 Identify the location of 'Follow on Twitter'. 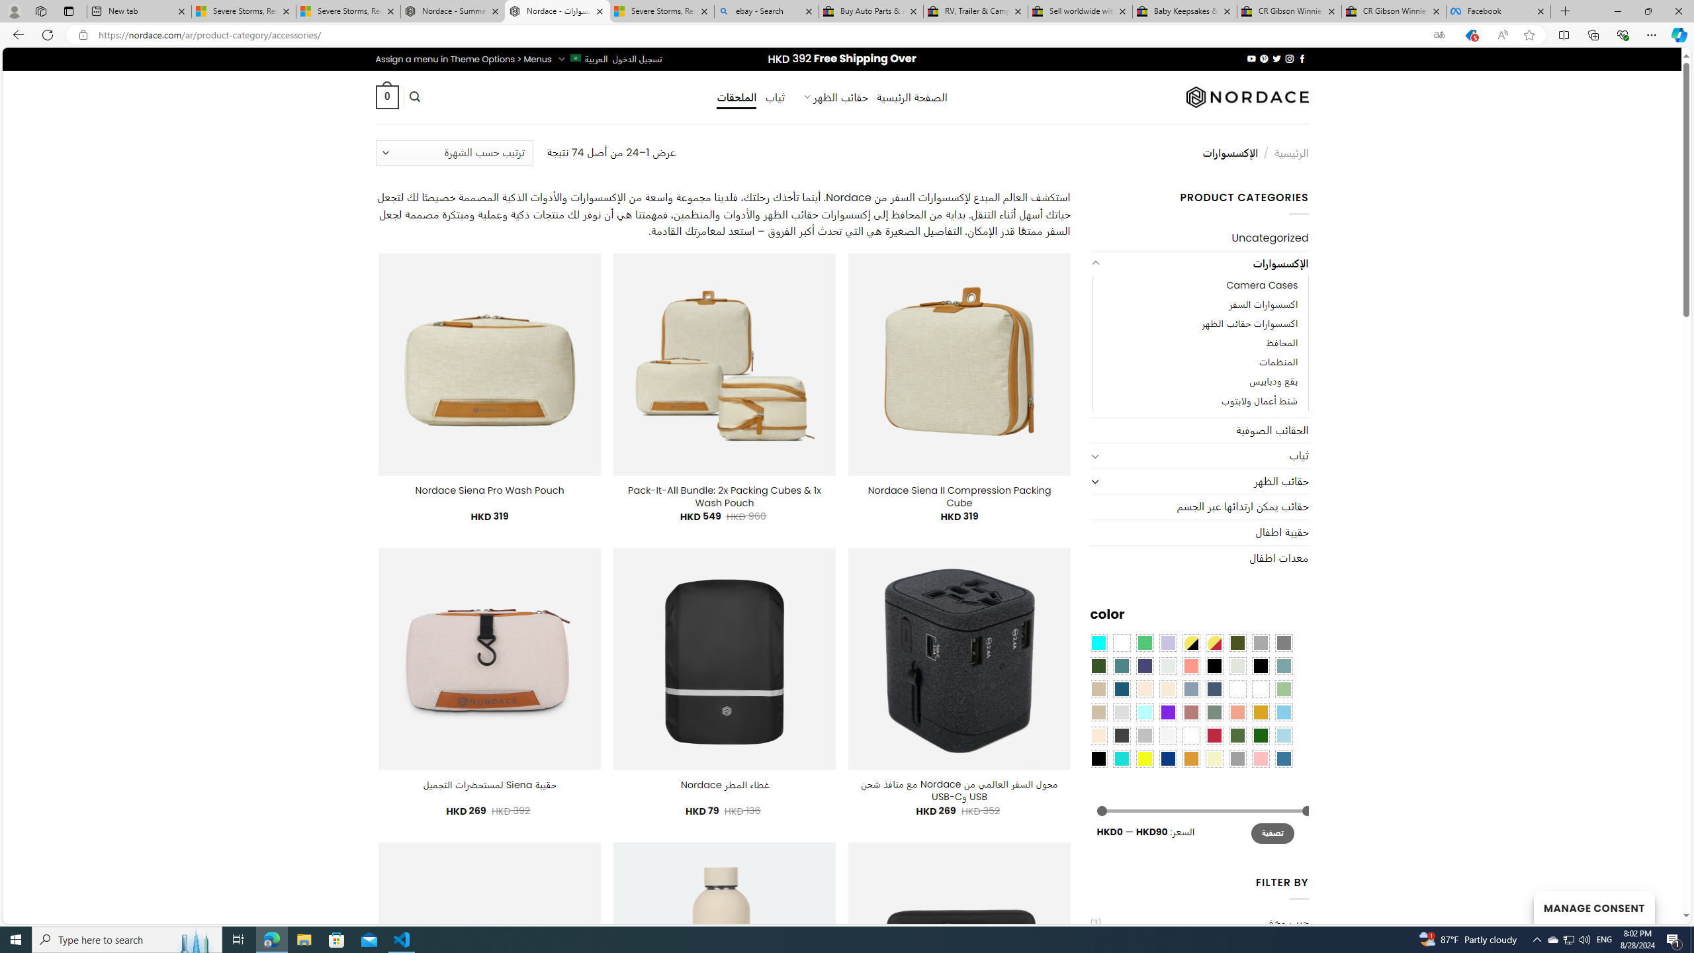
(1276, 58).